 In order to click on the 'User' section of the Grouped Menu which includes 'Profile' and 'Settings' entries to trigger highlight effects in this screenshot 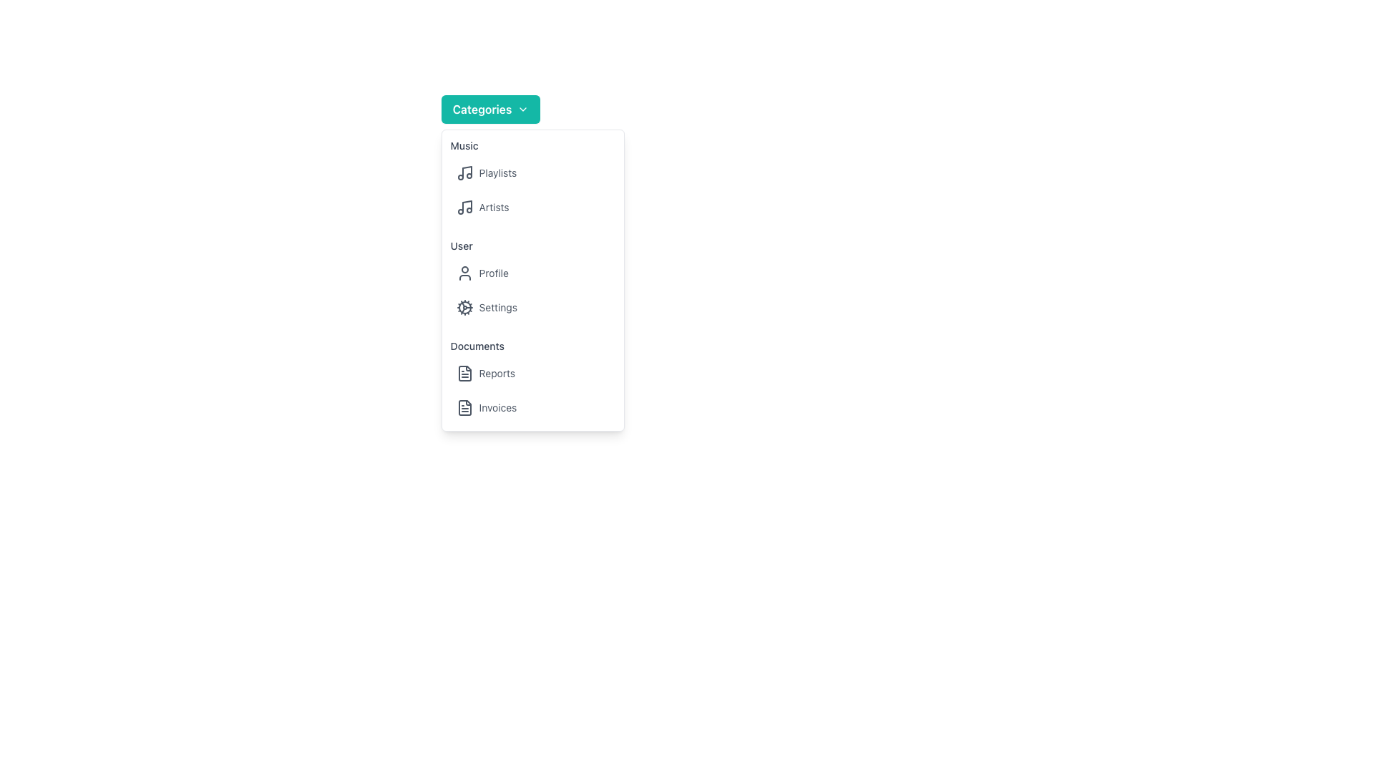, I will do `click(532, 281)`.